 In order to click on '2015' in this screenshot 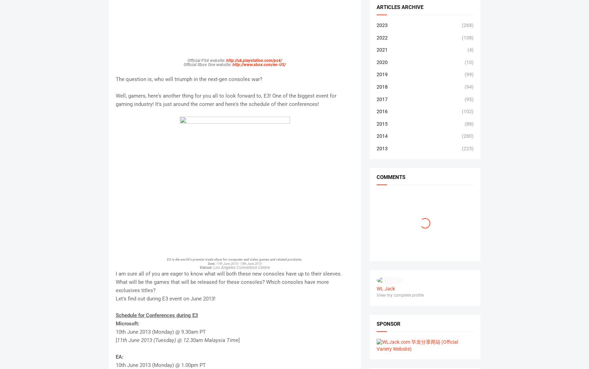, I will do `click(381, 124)`.